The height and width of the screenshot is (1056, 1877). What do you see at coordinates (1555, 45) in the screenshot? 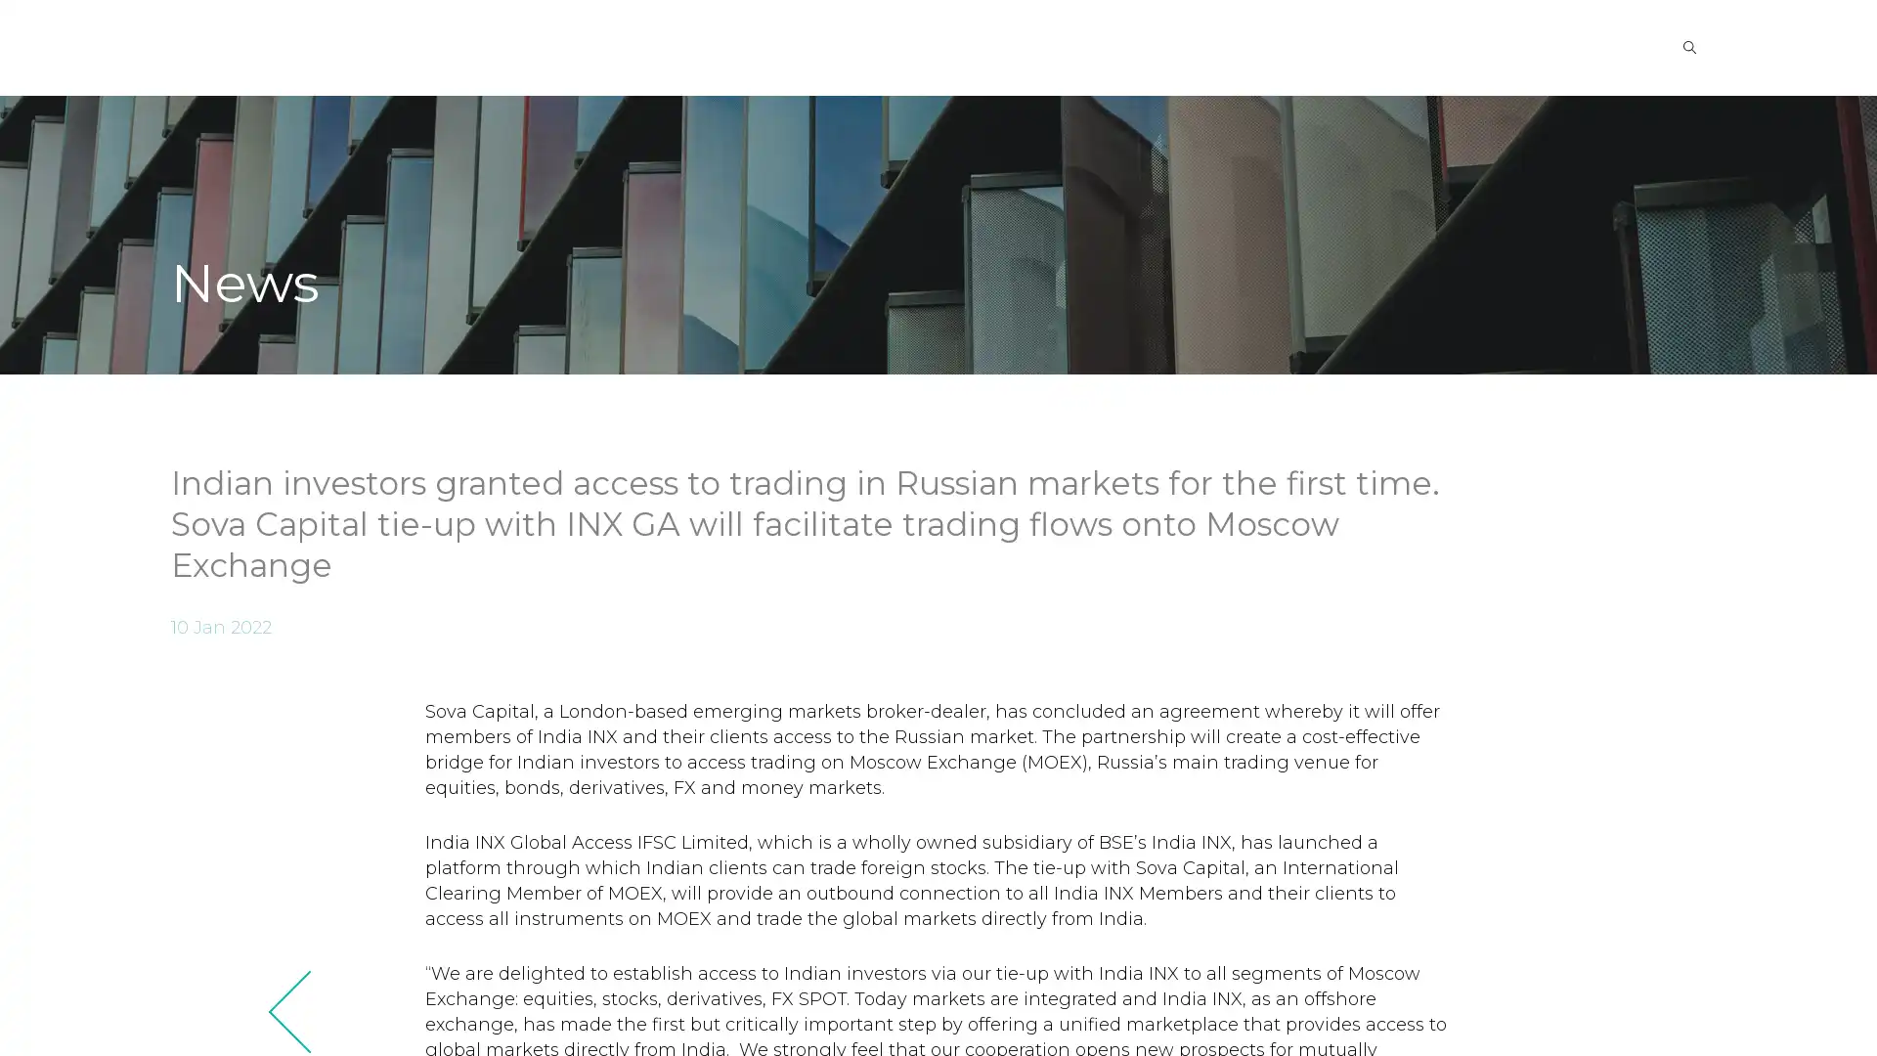
I see `Login` at bounding box center [1555, 45].